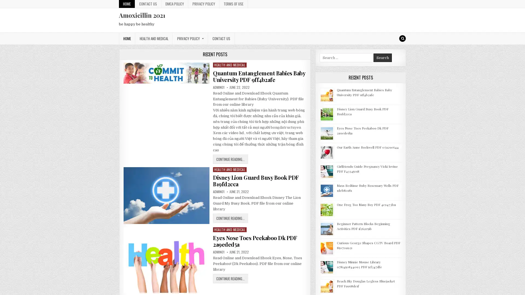 Image resolution: width=525 pixels, height=295 pixels. What do you see at coordinates (382, 58) in the screenshot?
I see `Search` at bounding box center [382, 58].